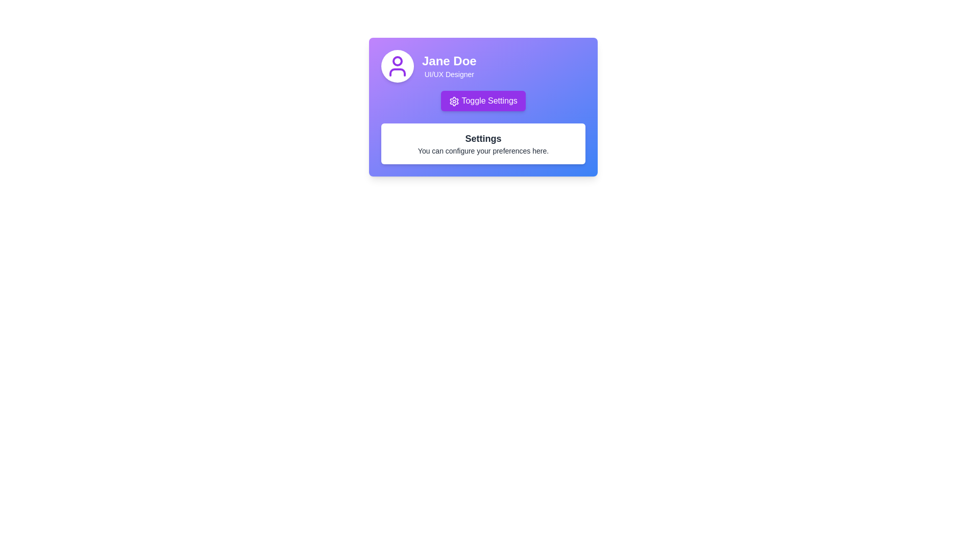 This screenshot has width=980, height=551. What do you see at coordinates (454, 101) in the screenshot?
I see `the settings gear icon located to the left of the 'Toggle Settings' button` at bounding box center [454, 101].